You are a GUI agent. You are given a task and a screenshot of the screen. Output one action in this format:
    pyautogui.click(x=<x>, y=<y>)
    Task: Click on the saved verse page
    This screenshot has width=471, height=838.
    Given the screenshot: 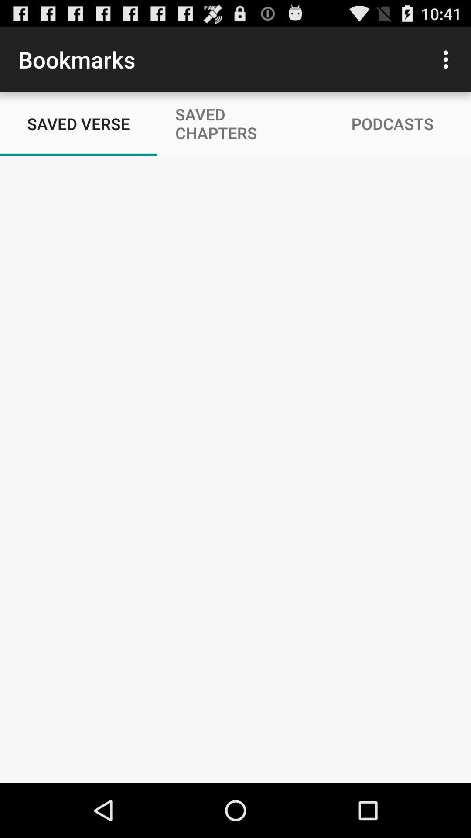 What is the action you would take?
    pyautogui.click(x=235, y=469)
    